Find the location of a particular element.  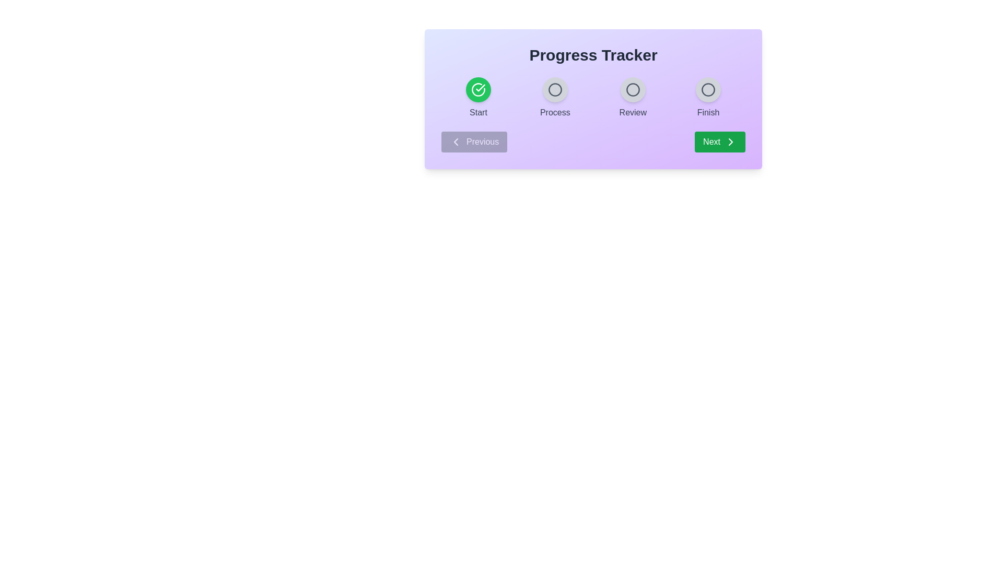

the Circular Progress Indicator Icon styled as an outlined circle with a metallic gray color is located at coordinates (632, 89).